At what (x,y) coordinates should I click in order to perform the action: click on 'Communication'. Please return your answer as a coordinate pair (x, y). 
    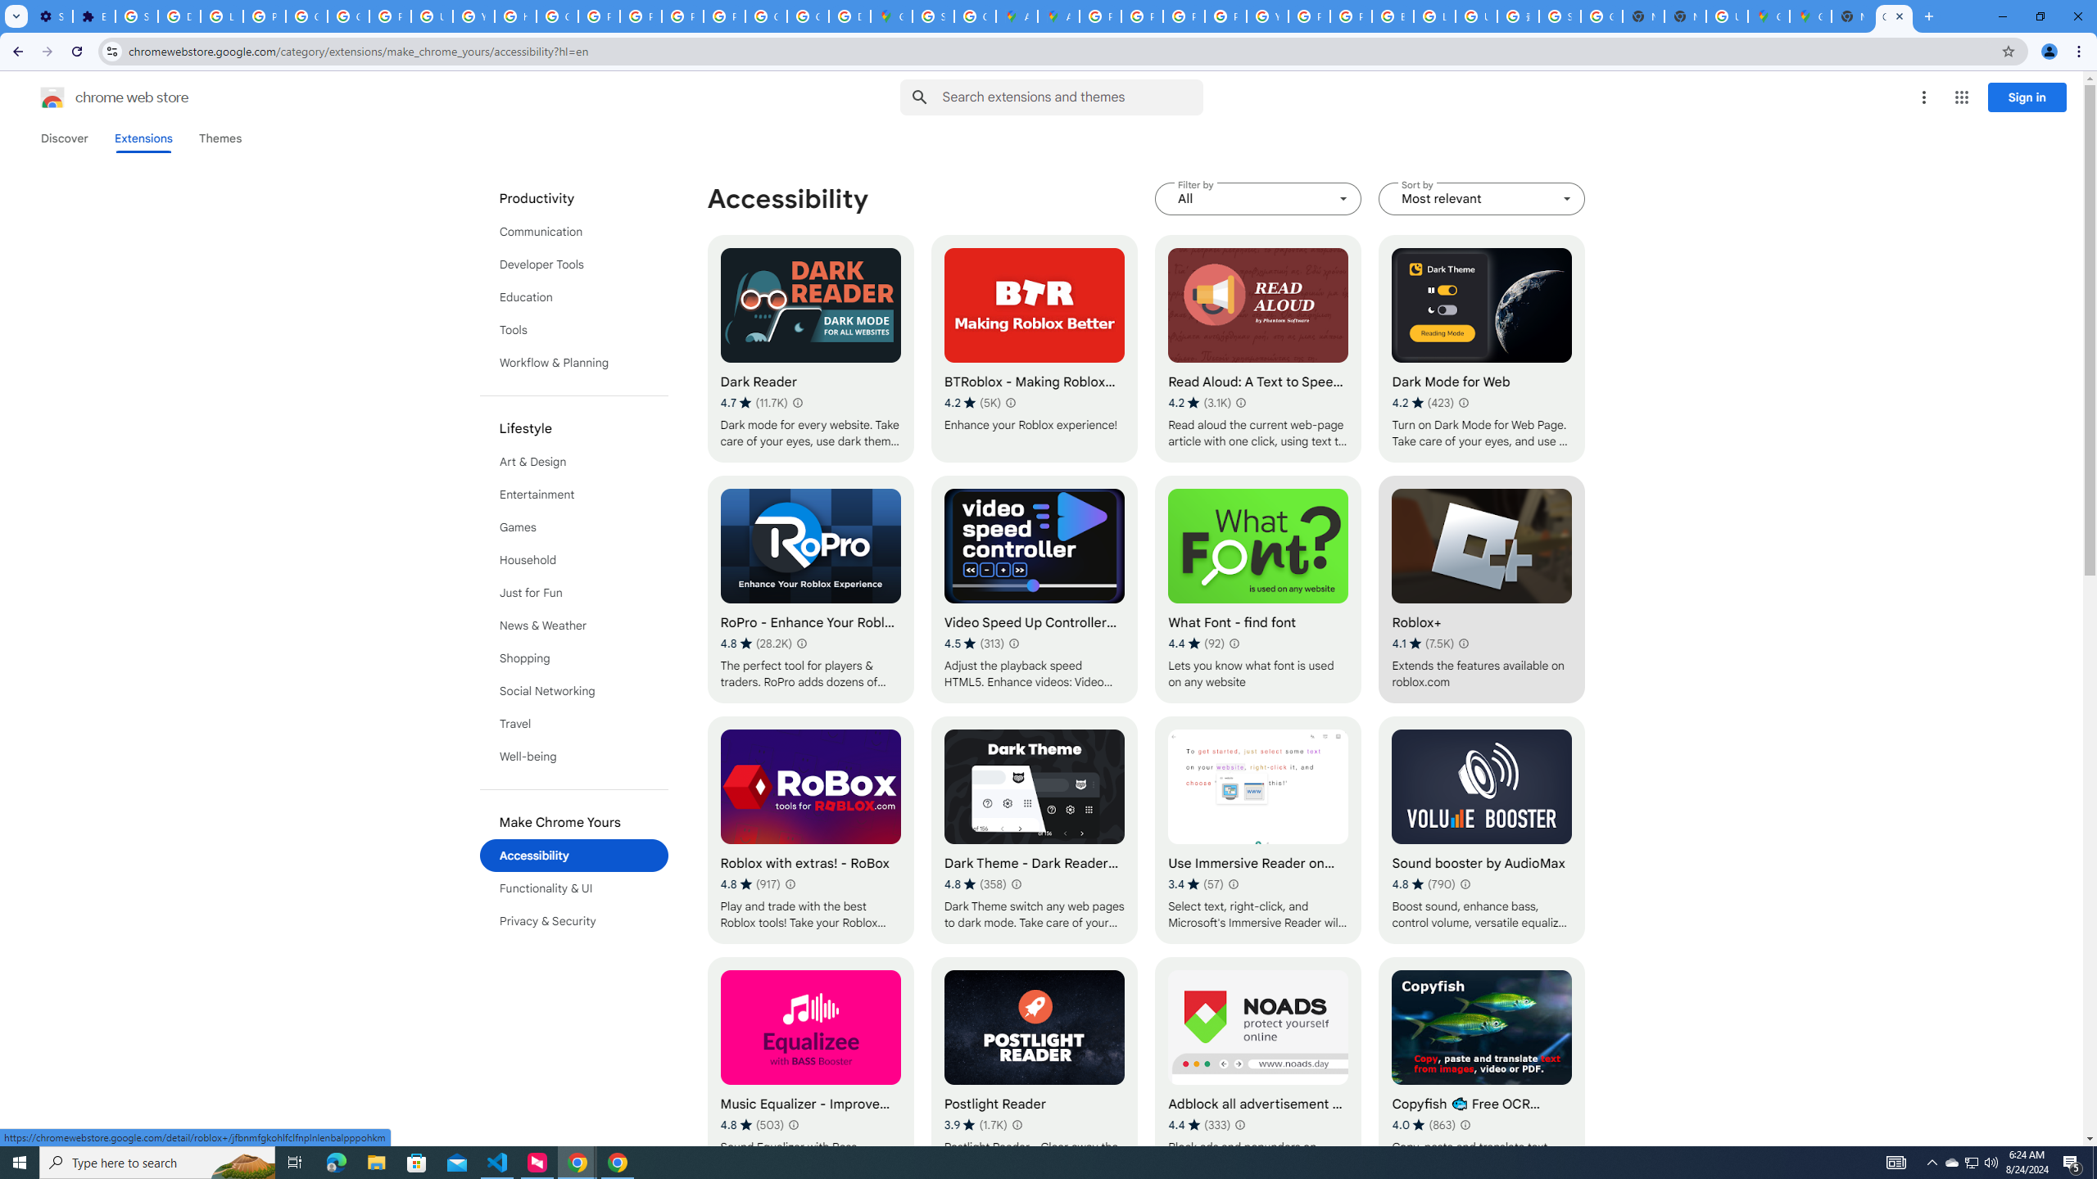
    Looking at the image, I should click on (574, 231).